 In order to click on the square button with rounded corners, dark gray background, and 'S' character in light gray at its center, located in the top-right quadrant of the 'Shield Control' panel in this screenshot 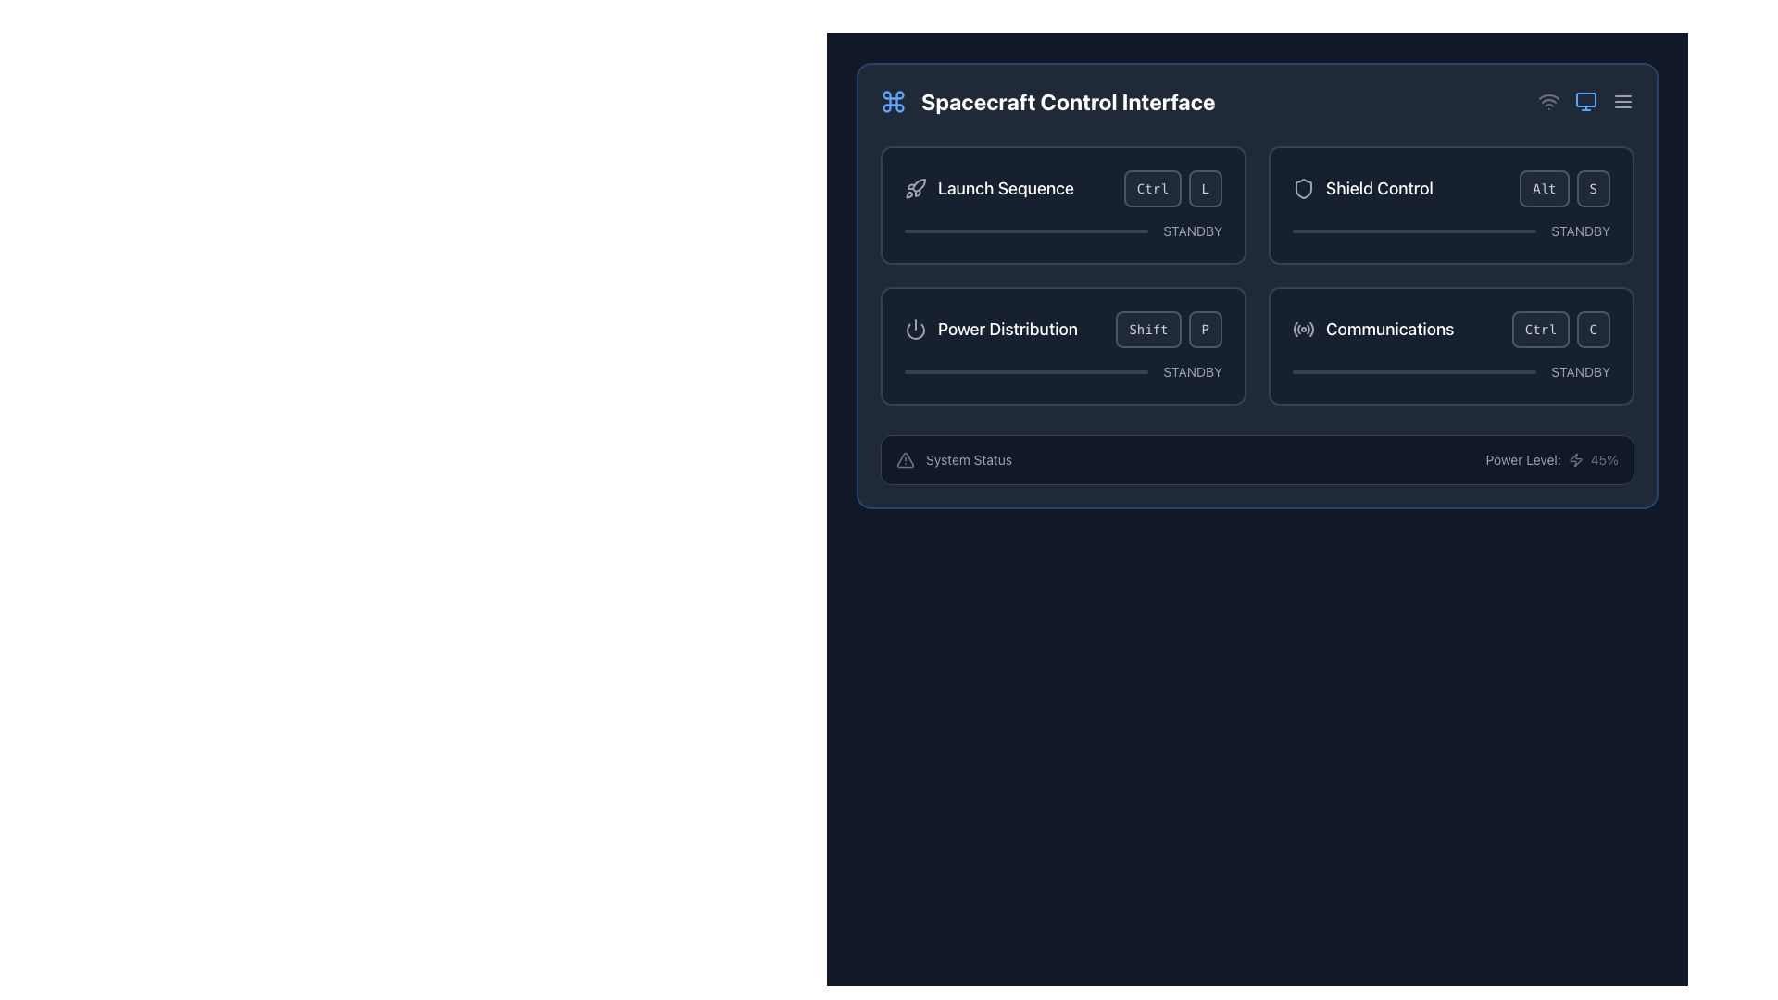, I will do `click(1592, 189)`.